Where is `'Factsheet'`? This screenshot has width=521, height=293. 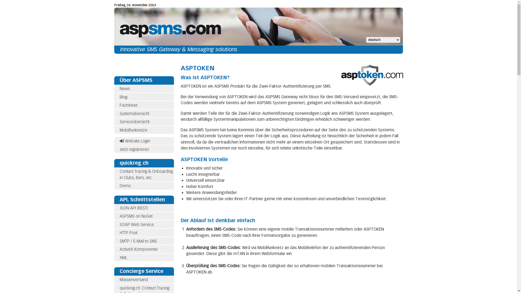
'Factsheet' is located at coordinates (119, 105).